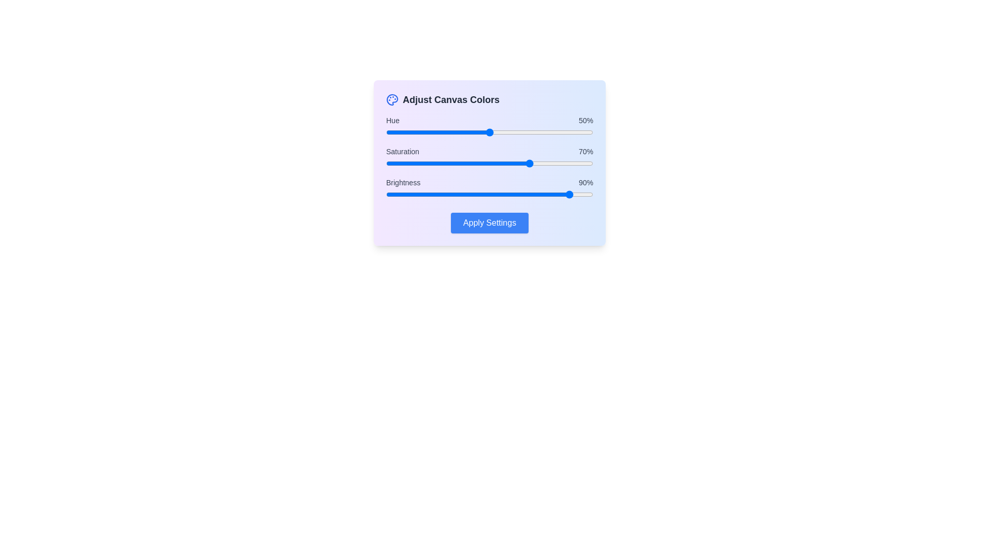 This screenshot has height=559, width=994. I want to click on the 'Apply Settings' button to apply the current color settings, so click(489, 223).